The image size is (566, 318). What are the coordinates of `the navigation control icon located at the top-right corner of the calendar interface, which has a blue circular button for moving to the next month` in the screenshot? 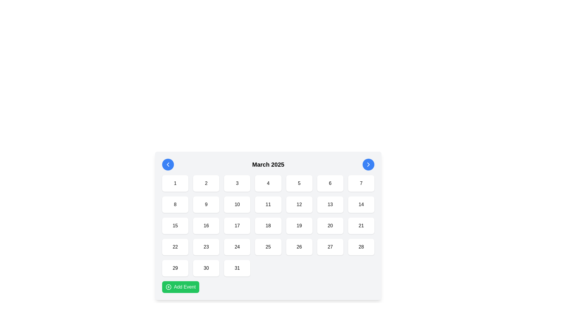 It's located at (368, 165).